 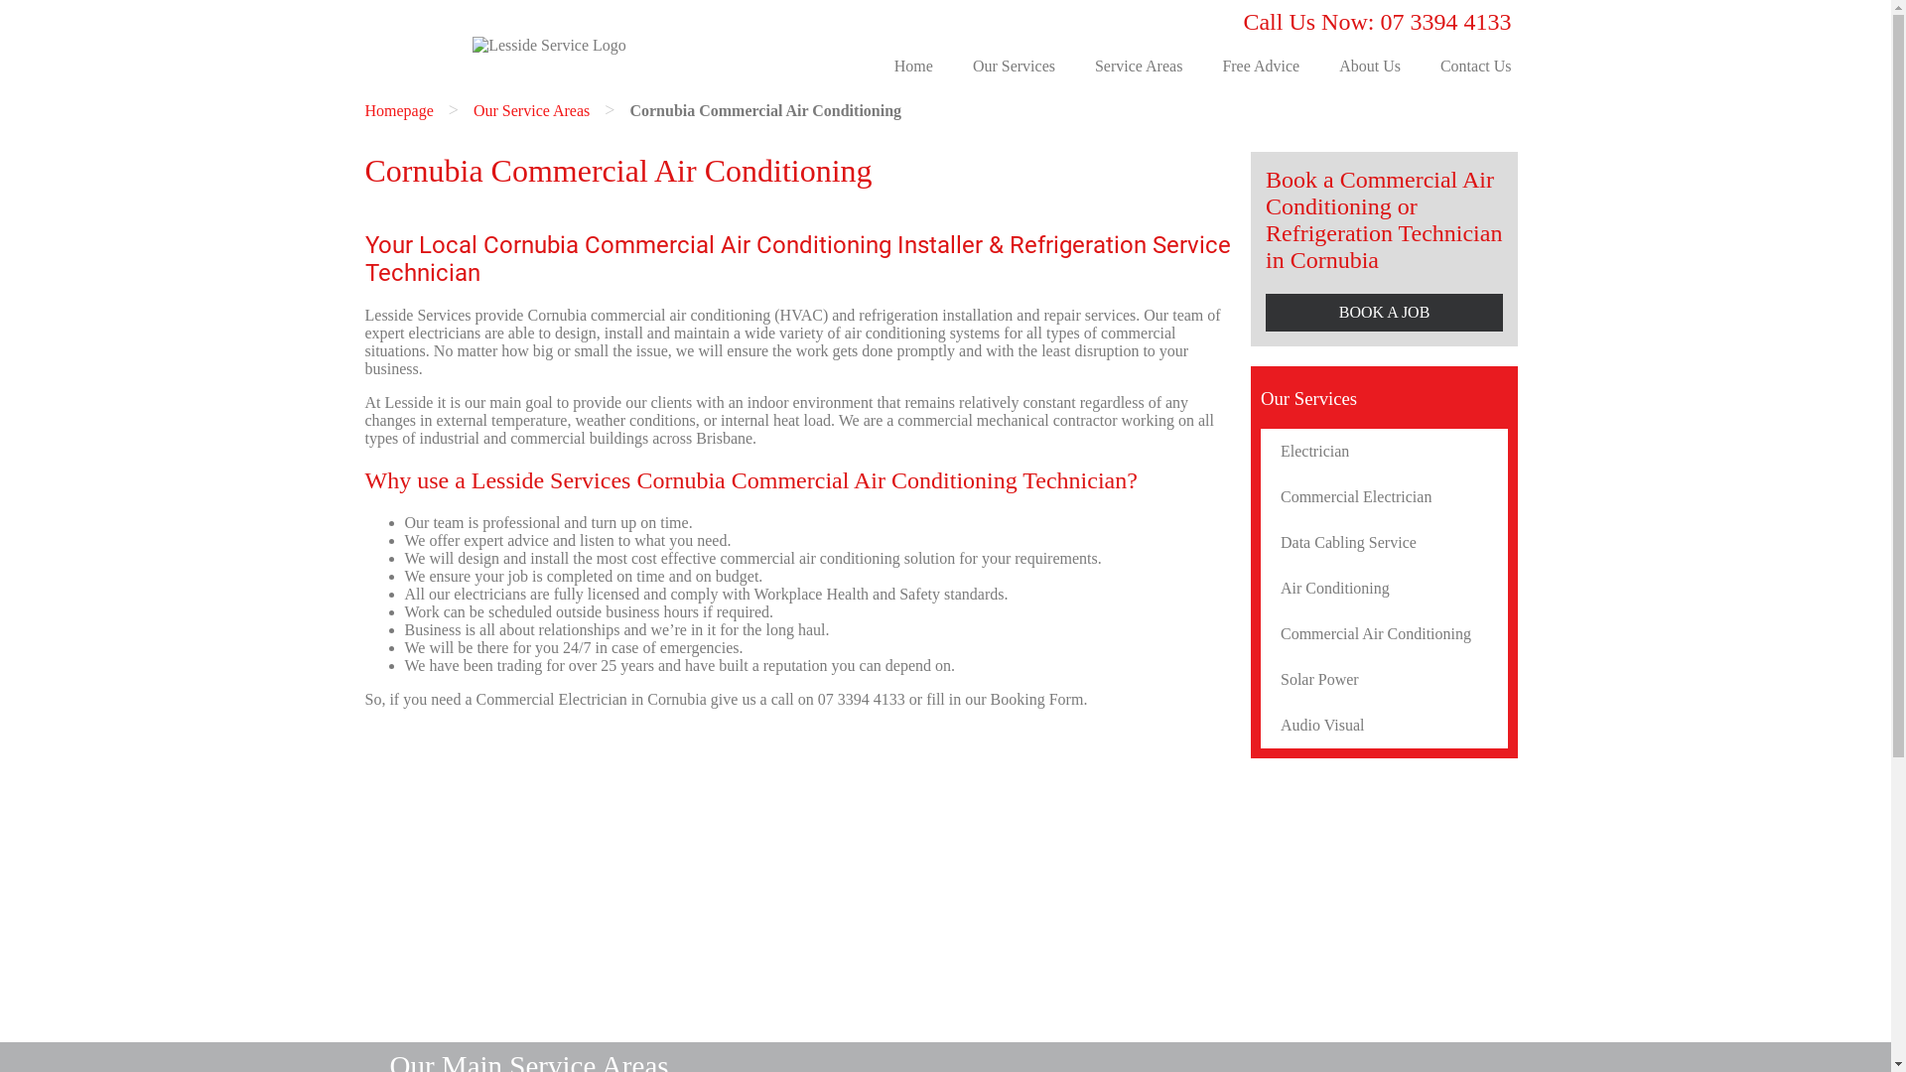 I want to click on 'Data Cabling Service', so click(x=1383, y=543).